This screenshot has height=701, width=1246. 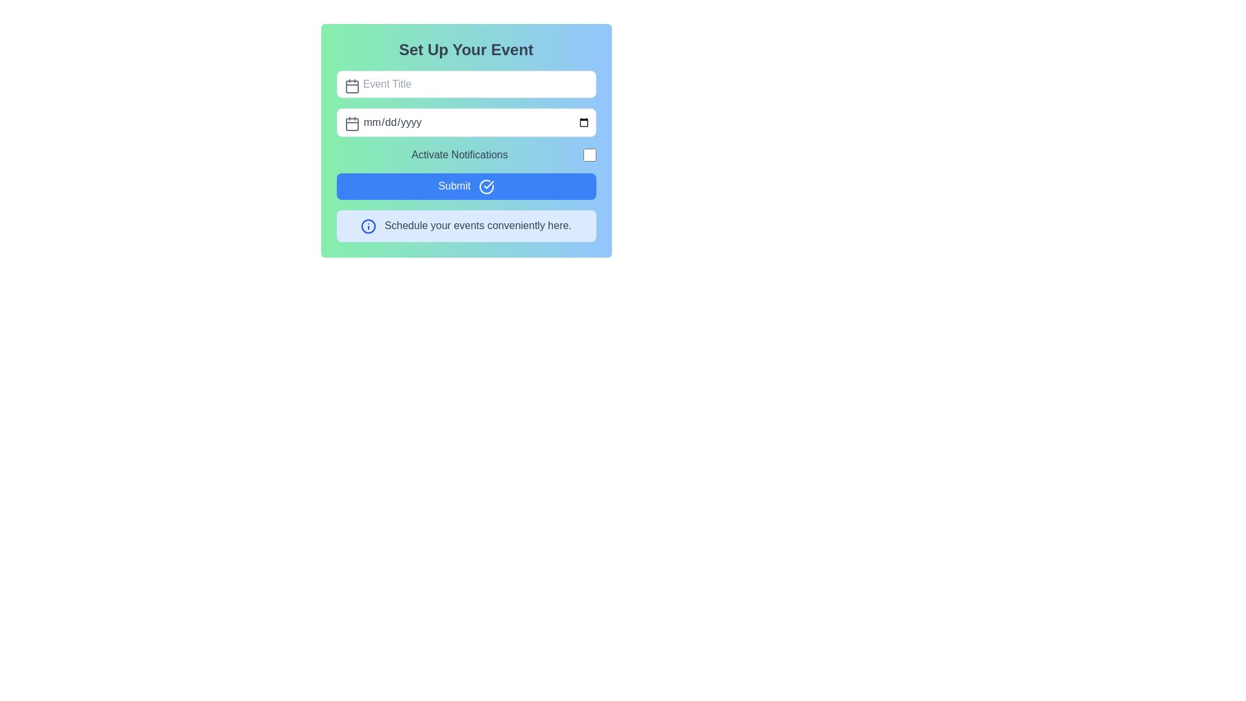 I want to click on the 'Submit' button, which is a rectangular button with white text and a blue background, located below the 'Activate Notifications' checkbox, so click(x=466, y=186).